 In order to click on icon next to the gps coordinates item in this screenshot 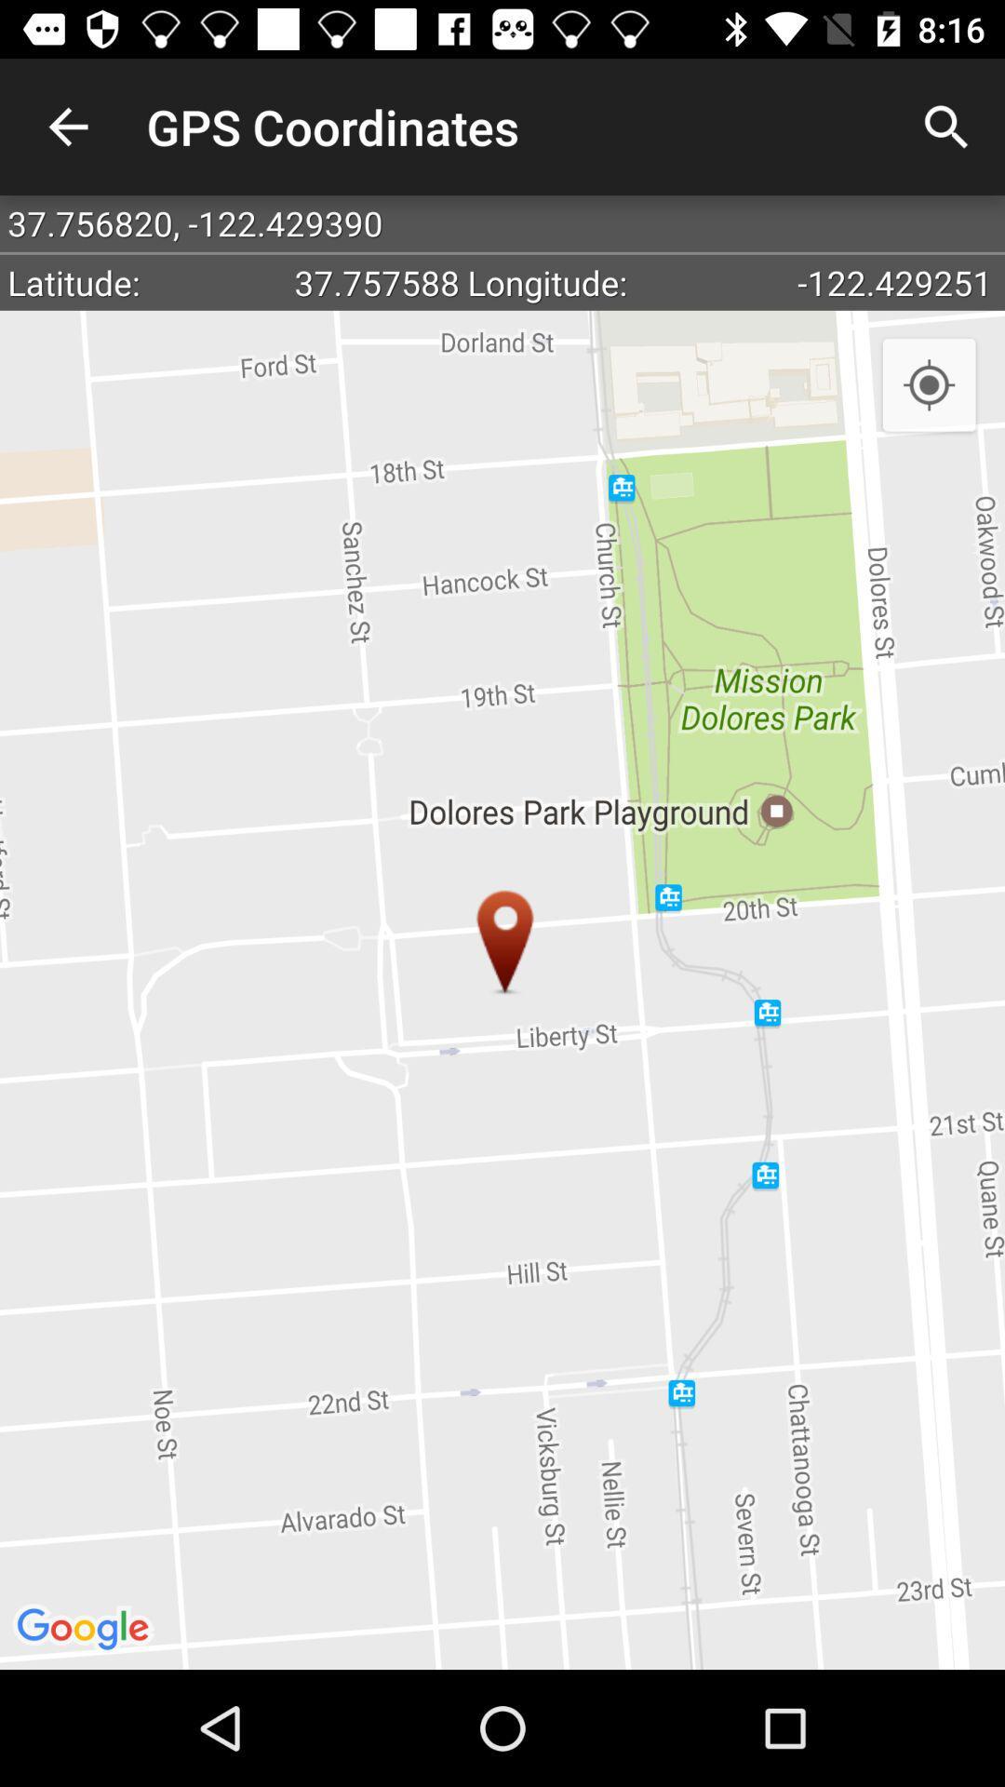, I will do `click(946, 126)`.